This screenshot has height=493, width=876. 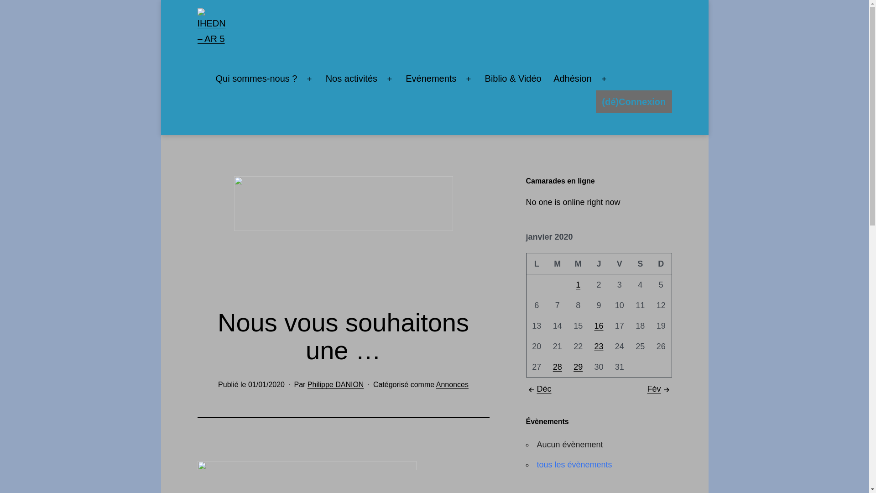 What do you see at coordinates (557, 366) in the screenshot?
I see `'28'` at bounding box center [557, 366].